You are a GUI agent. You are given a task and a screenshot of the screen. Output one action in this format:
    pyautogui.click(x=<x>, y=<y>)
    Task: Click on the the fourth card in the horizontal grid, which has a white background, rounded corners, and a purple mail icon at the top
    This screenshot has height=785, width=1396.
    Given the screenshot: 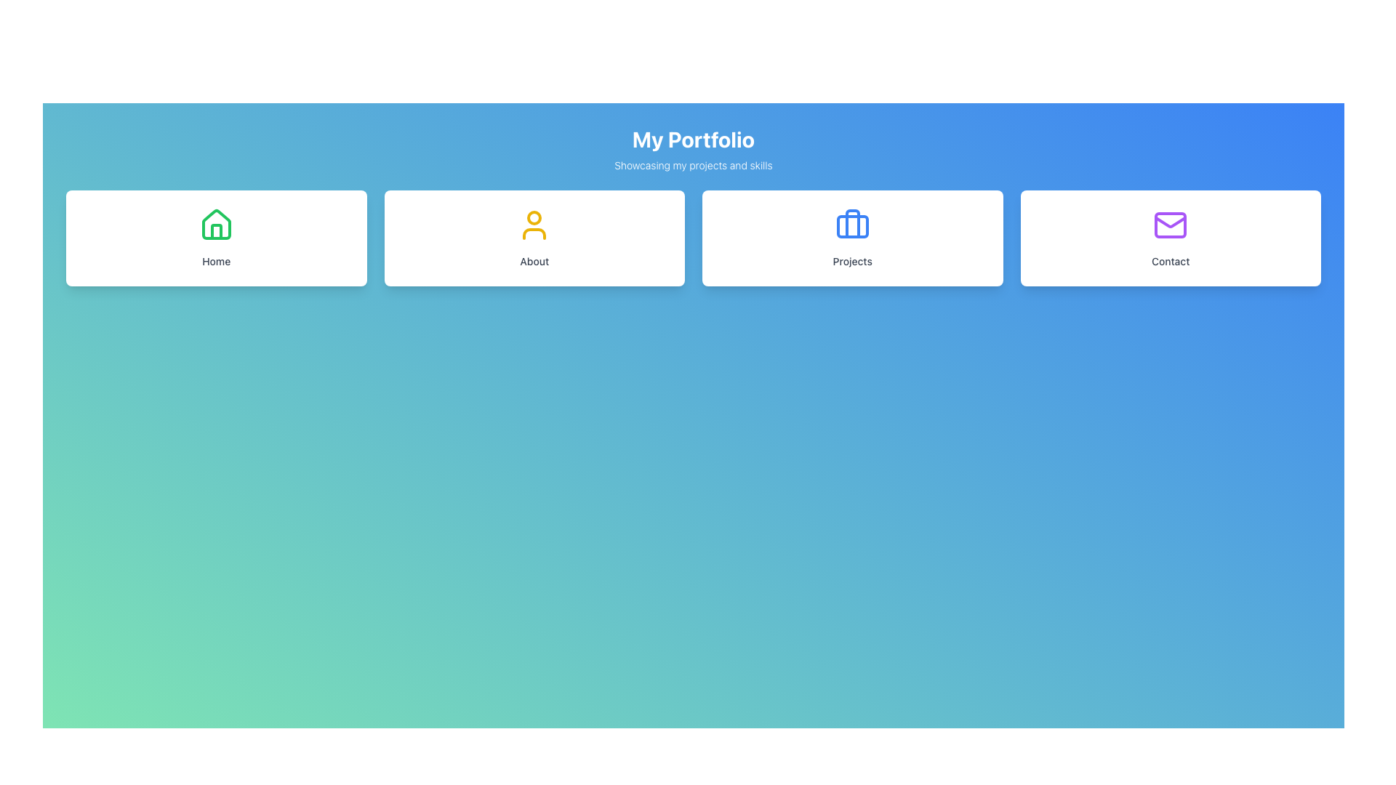 What is the action you would take?
    pyautogui.click(x=1171, y=237)
    